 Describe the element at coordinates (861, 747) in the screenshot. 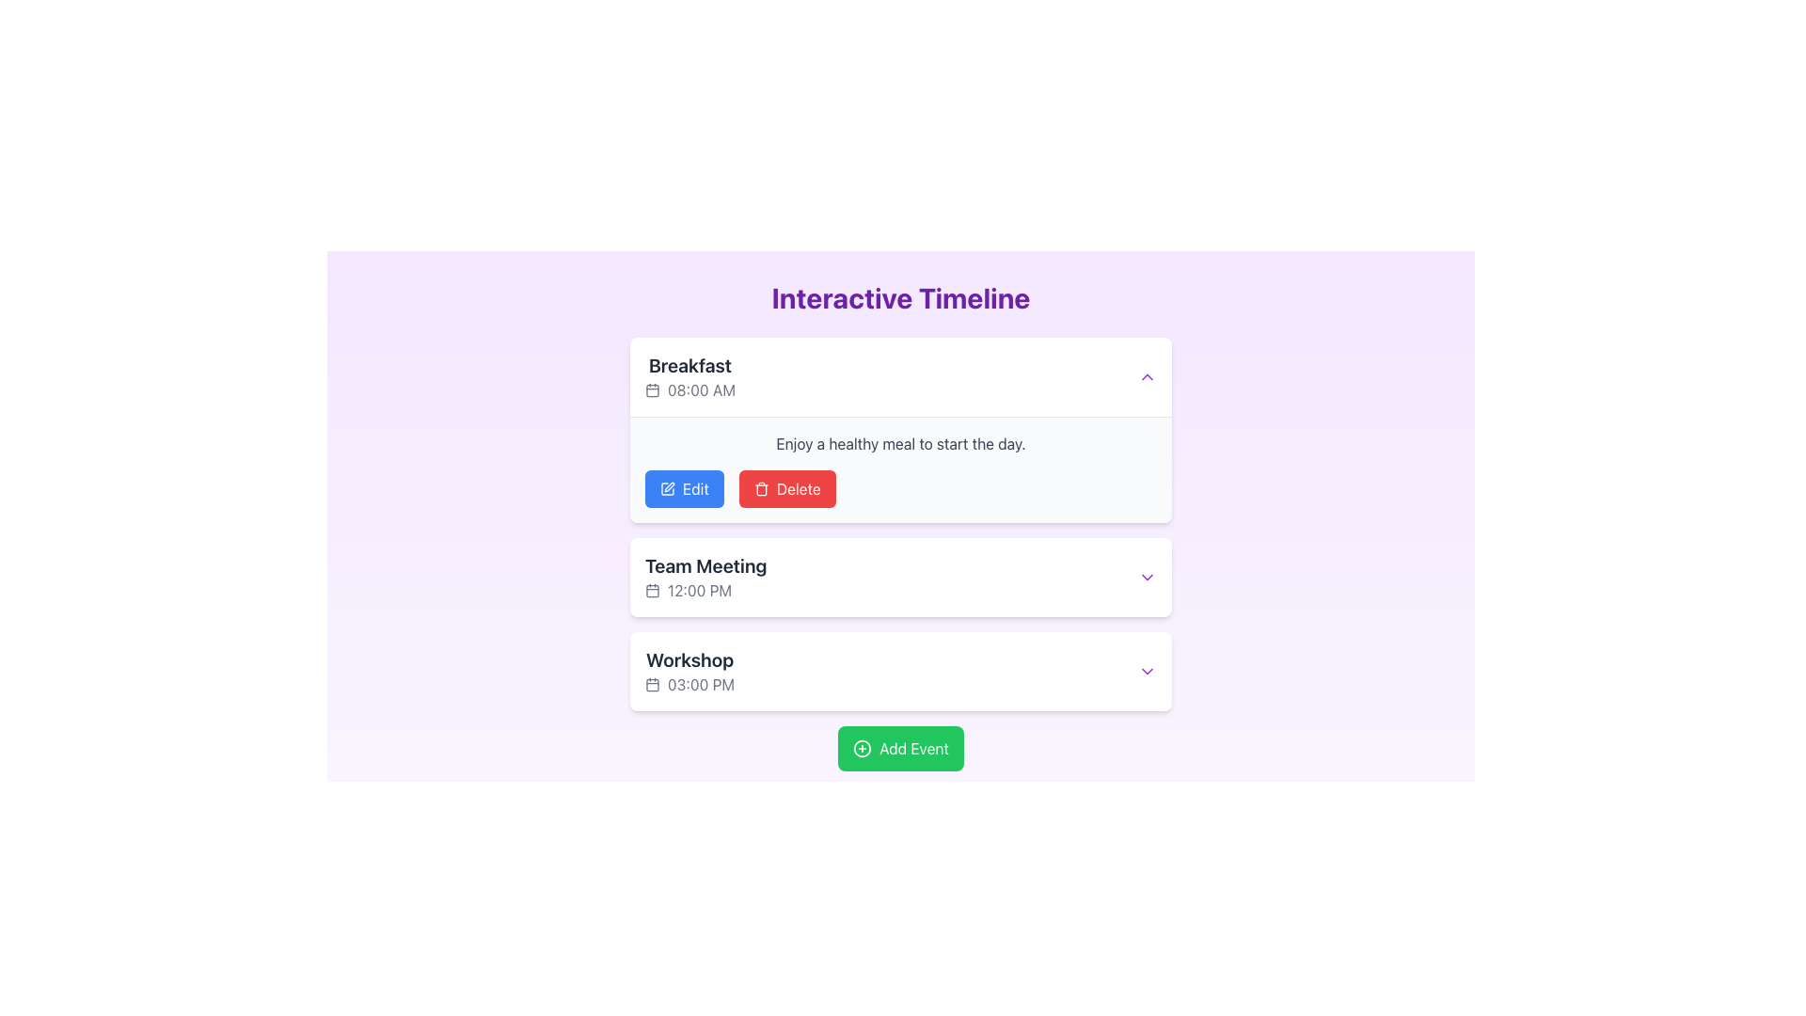

I see `the circular graphic icon with a plus sign within the green 'Add Event' button to initiate the action associated with the button` at that location.